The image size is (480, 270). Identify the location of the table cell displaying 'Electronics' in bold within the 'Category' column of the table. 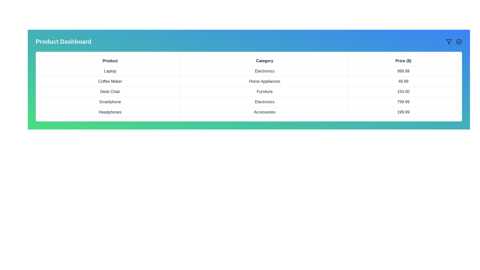
(264, 71).